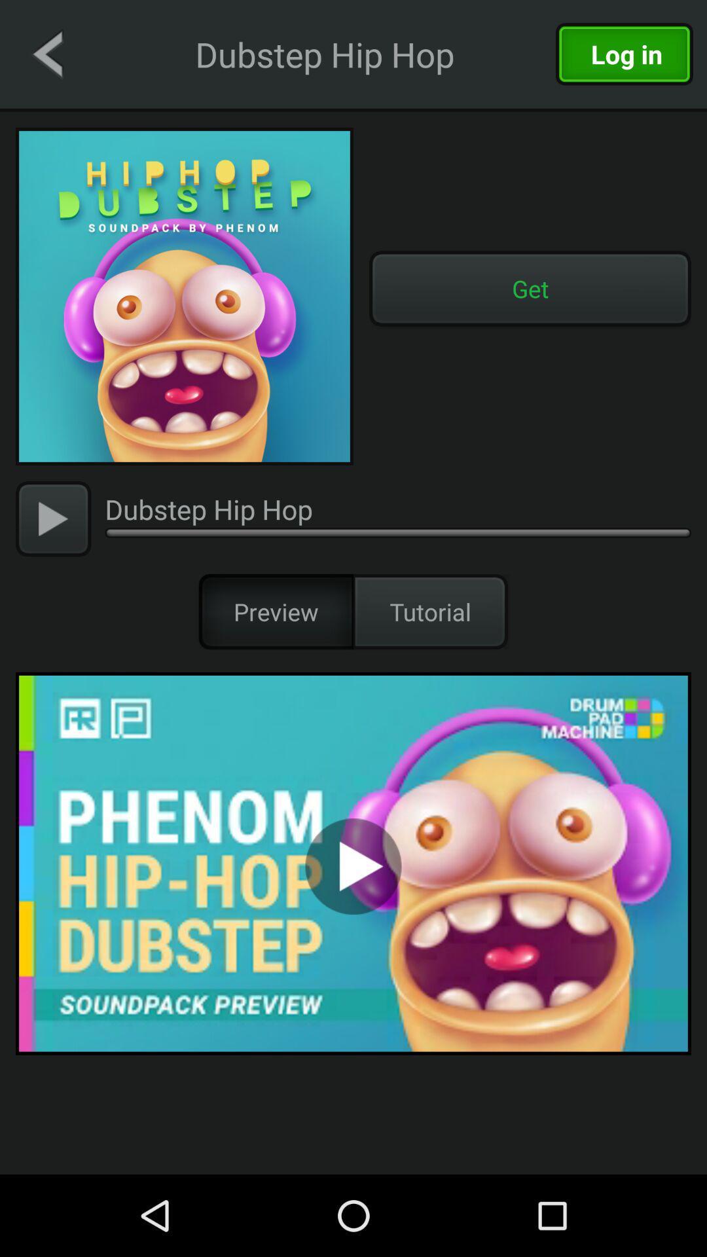 The width and height of the screenshot is (707, 1257). Describe the element at coordinates (353, 864) in the screenshot. I see `tab to play select to play album` at that location.